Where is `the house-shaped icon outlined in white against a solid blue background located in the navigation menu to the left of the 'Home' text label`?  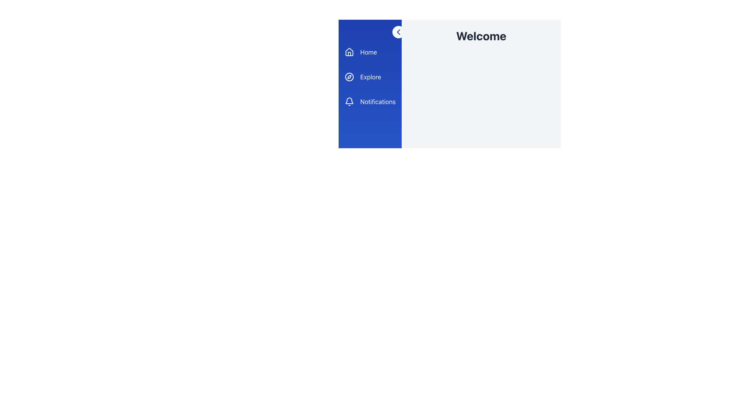
the house-shaped icon outlined in white against a solid blue background located in the navigation menu to the left of the 'Home' text label is located at coordinates (349, 52).